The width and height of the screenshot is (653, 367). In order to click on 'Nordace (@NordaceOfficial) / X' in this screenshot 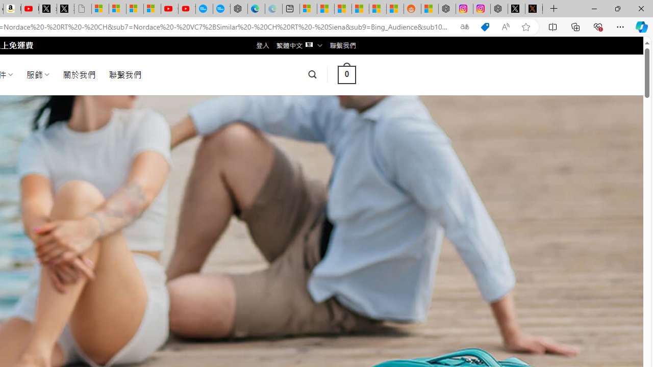, I will do `click(516, 9)`.